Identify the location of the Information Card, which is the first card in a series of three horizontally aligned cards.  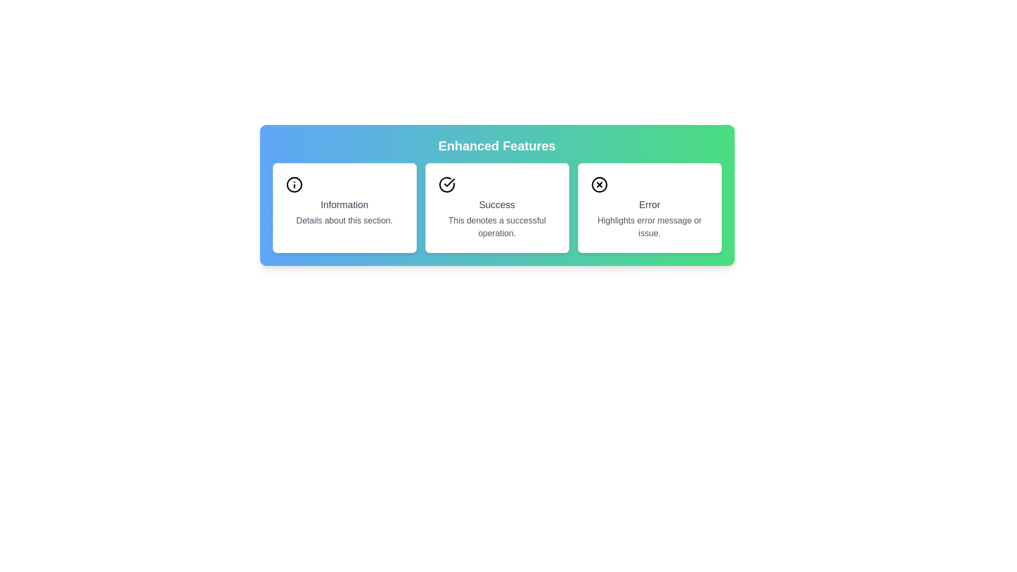
(344, 208).